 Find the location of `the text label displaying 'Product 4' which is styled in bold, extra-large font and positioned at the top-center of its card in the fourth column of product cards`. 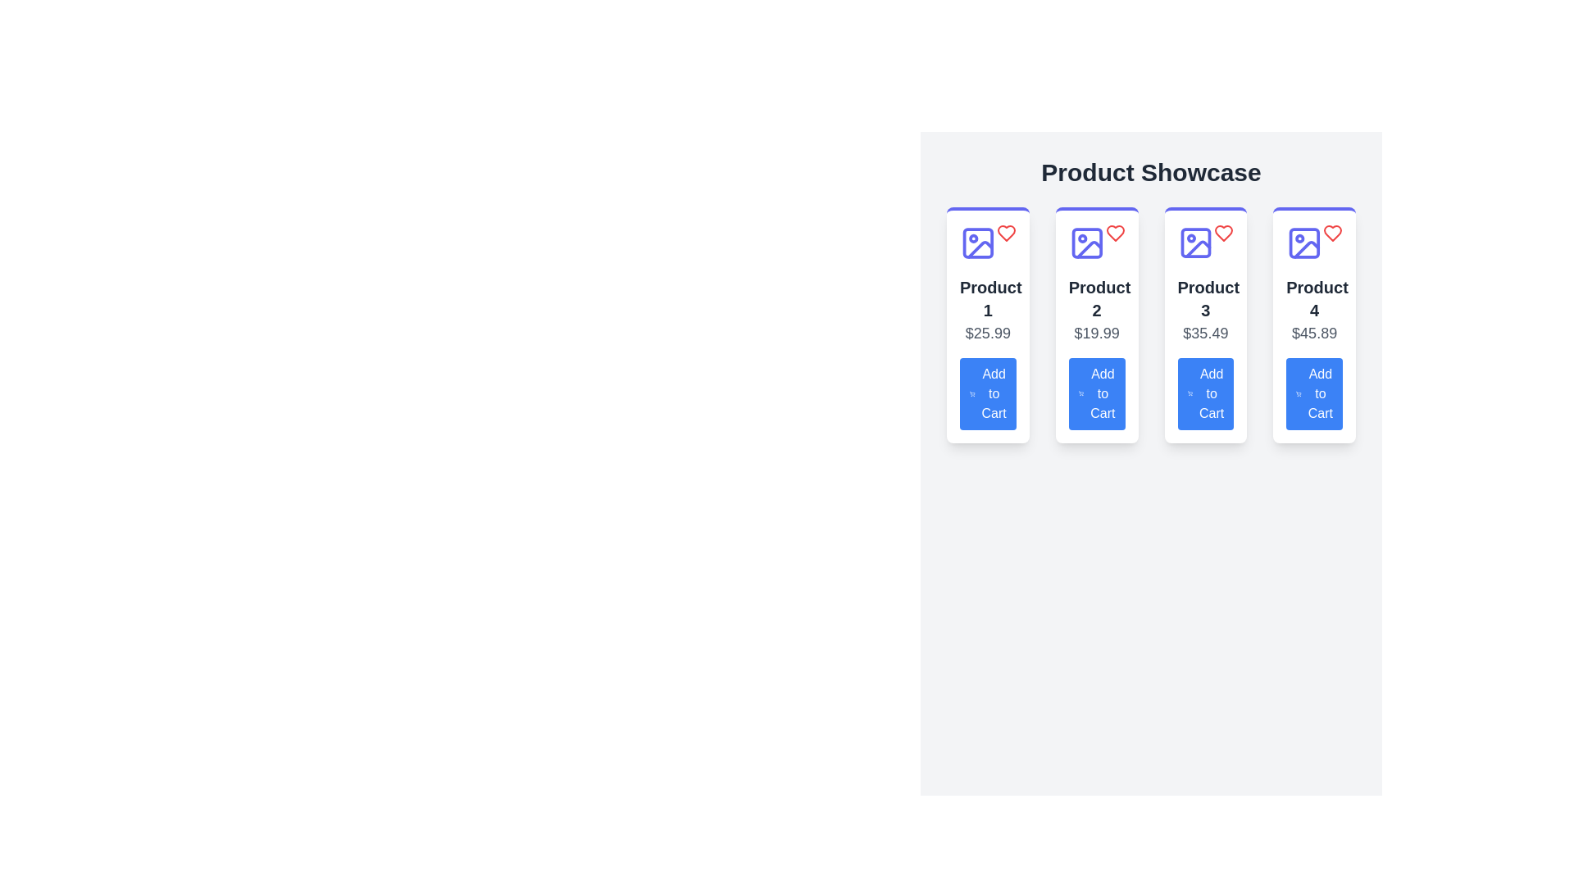

the text label displaying 'Product 4' which is styled in bold, extra-large font and positioned at the top-center of its card in the fourth column of product cards is located at coordinates (1314, 299).